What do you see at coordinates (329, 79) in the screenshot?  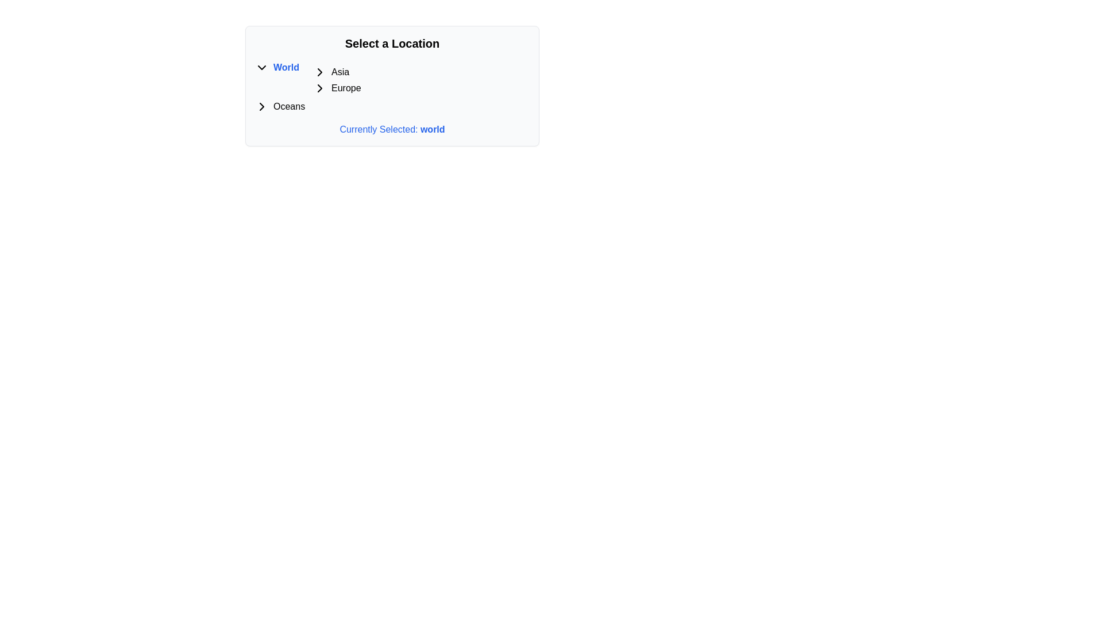 I see `the 'Europe' label in the nested list item under the 'World' heading` at bounding box center [329, 79].